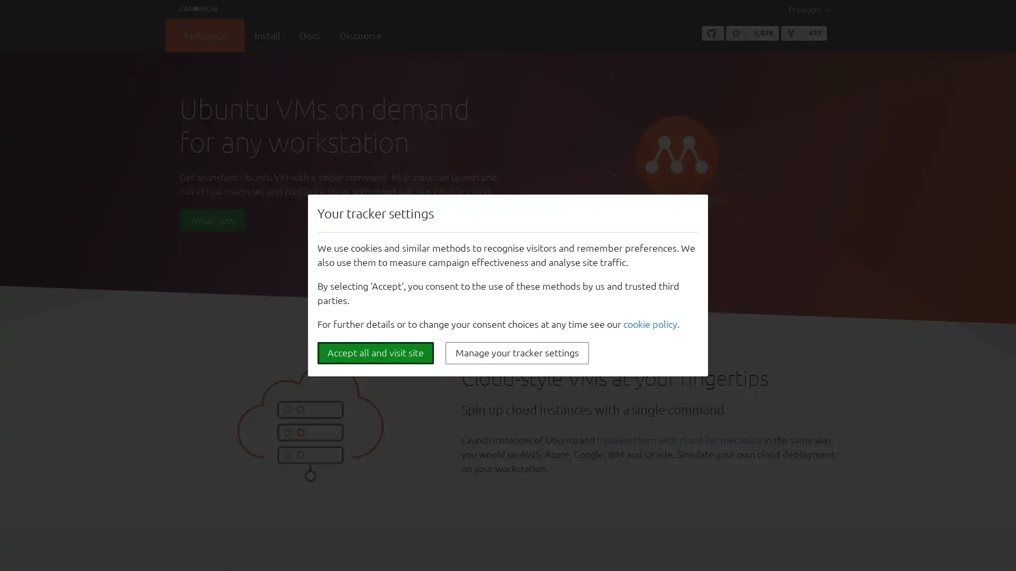 The width and height of the screenshot is (1016, 571). I want to click on Manage your tracker settings, so click(517, 353).